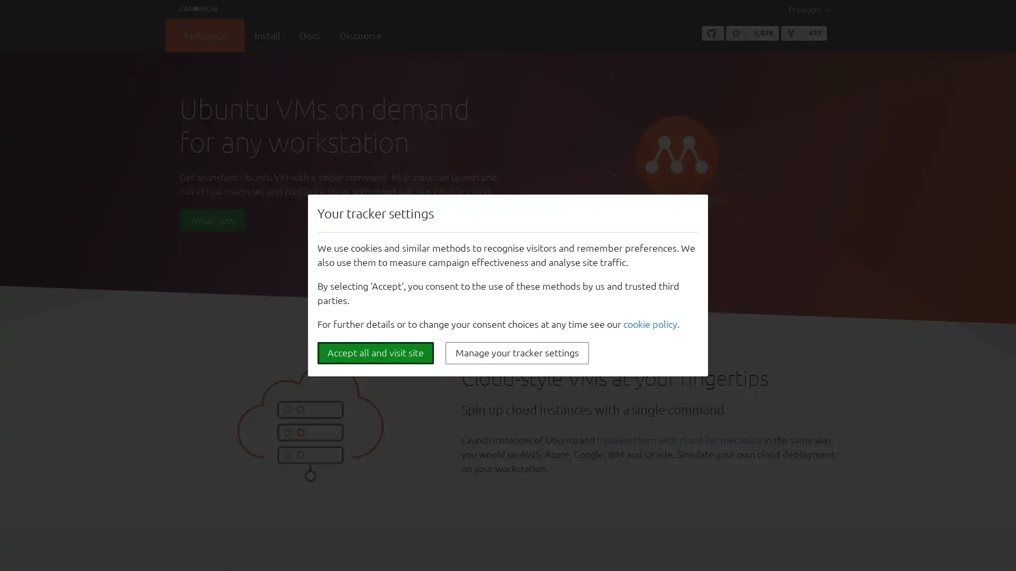 The width and height of the screenshot is (1016, 571). I want to click on Manage your tracker settings, so click(517, 353).